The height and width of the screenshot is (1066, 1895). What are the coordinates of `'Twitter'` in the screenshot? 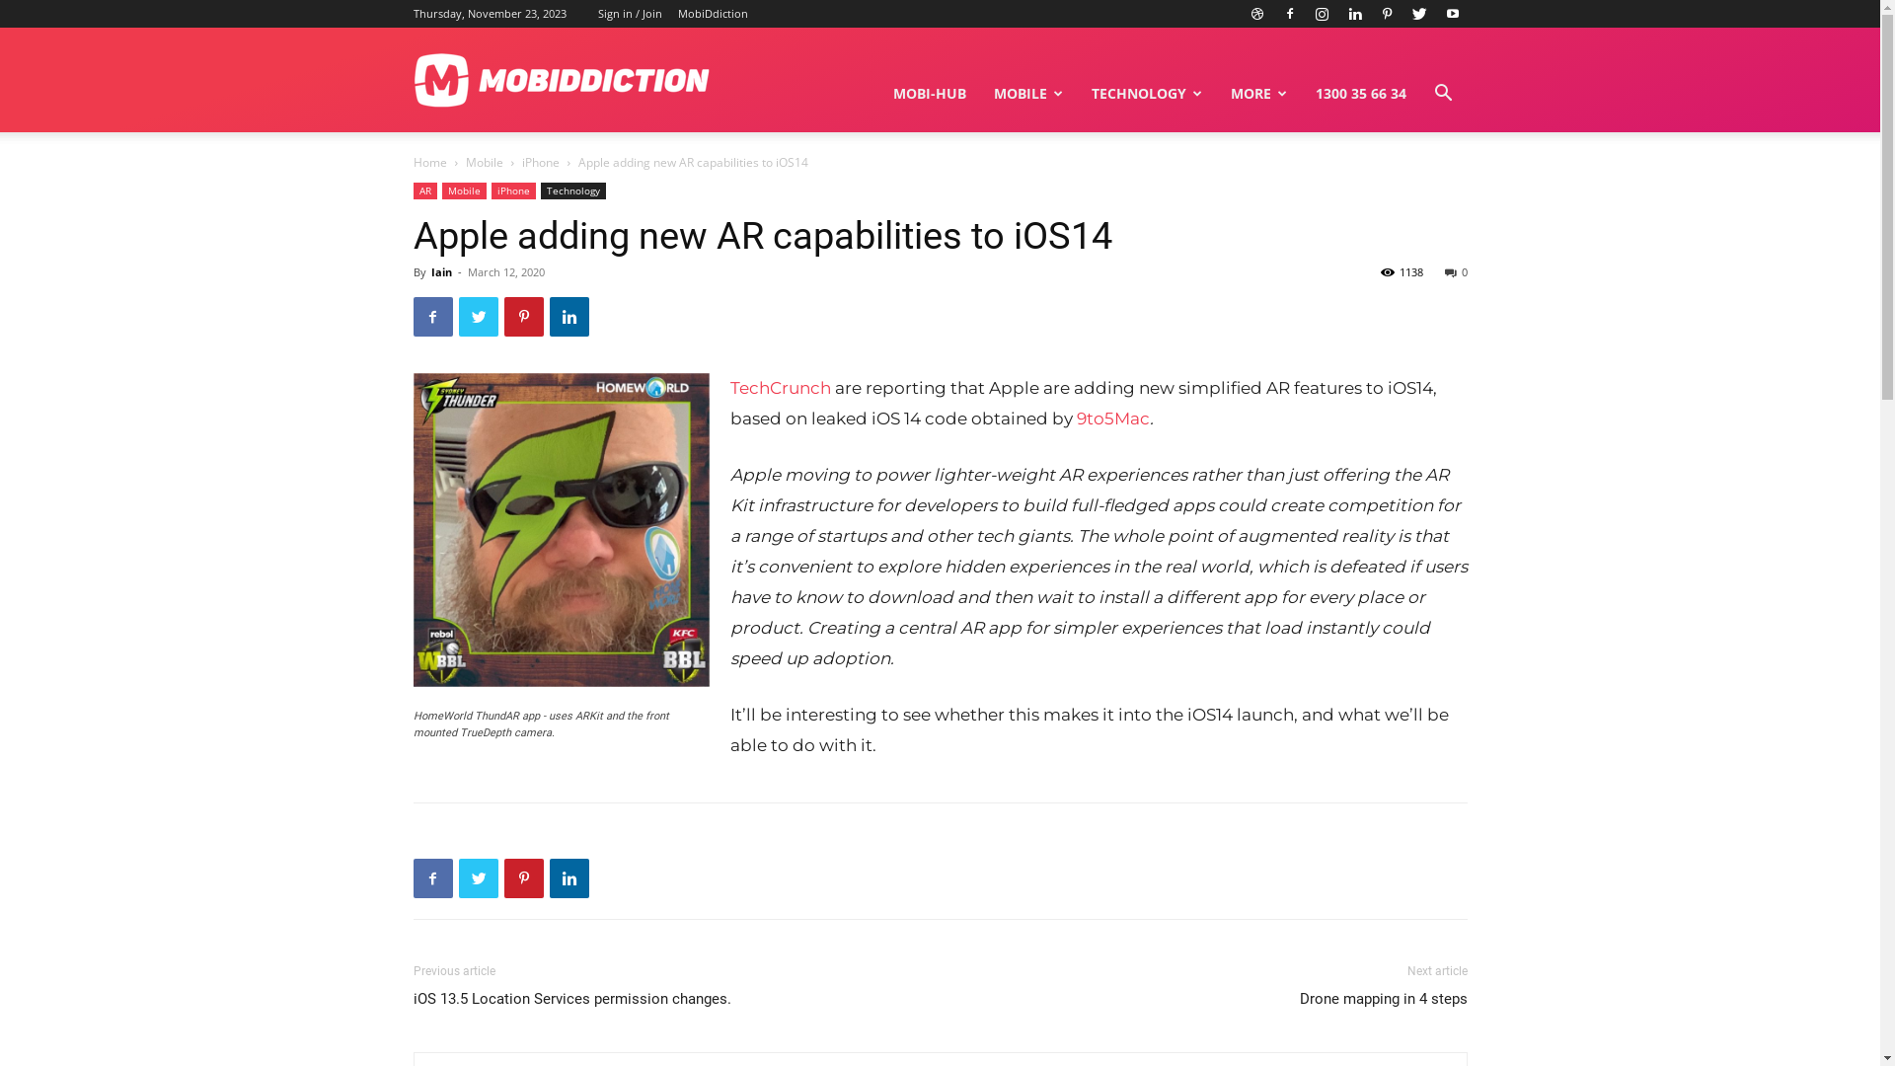 It's located at (1419, 14).